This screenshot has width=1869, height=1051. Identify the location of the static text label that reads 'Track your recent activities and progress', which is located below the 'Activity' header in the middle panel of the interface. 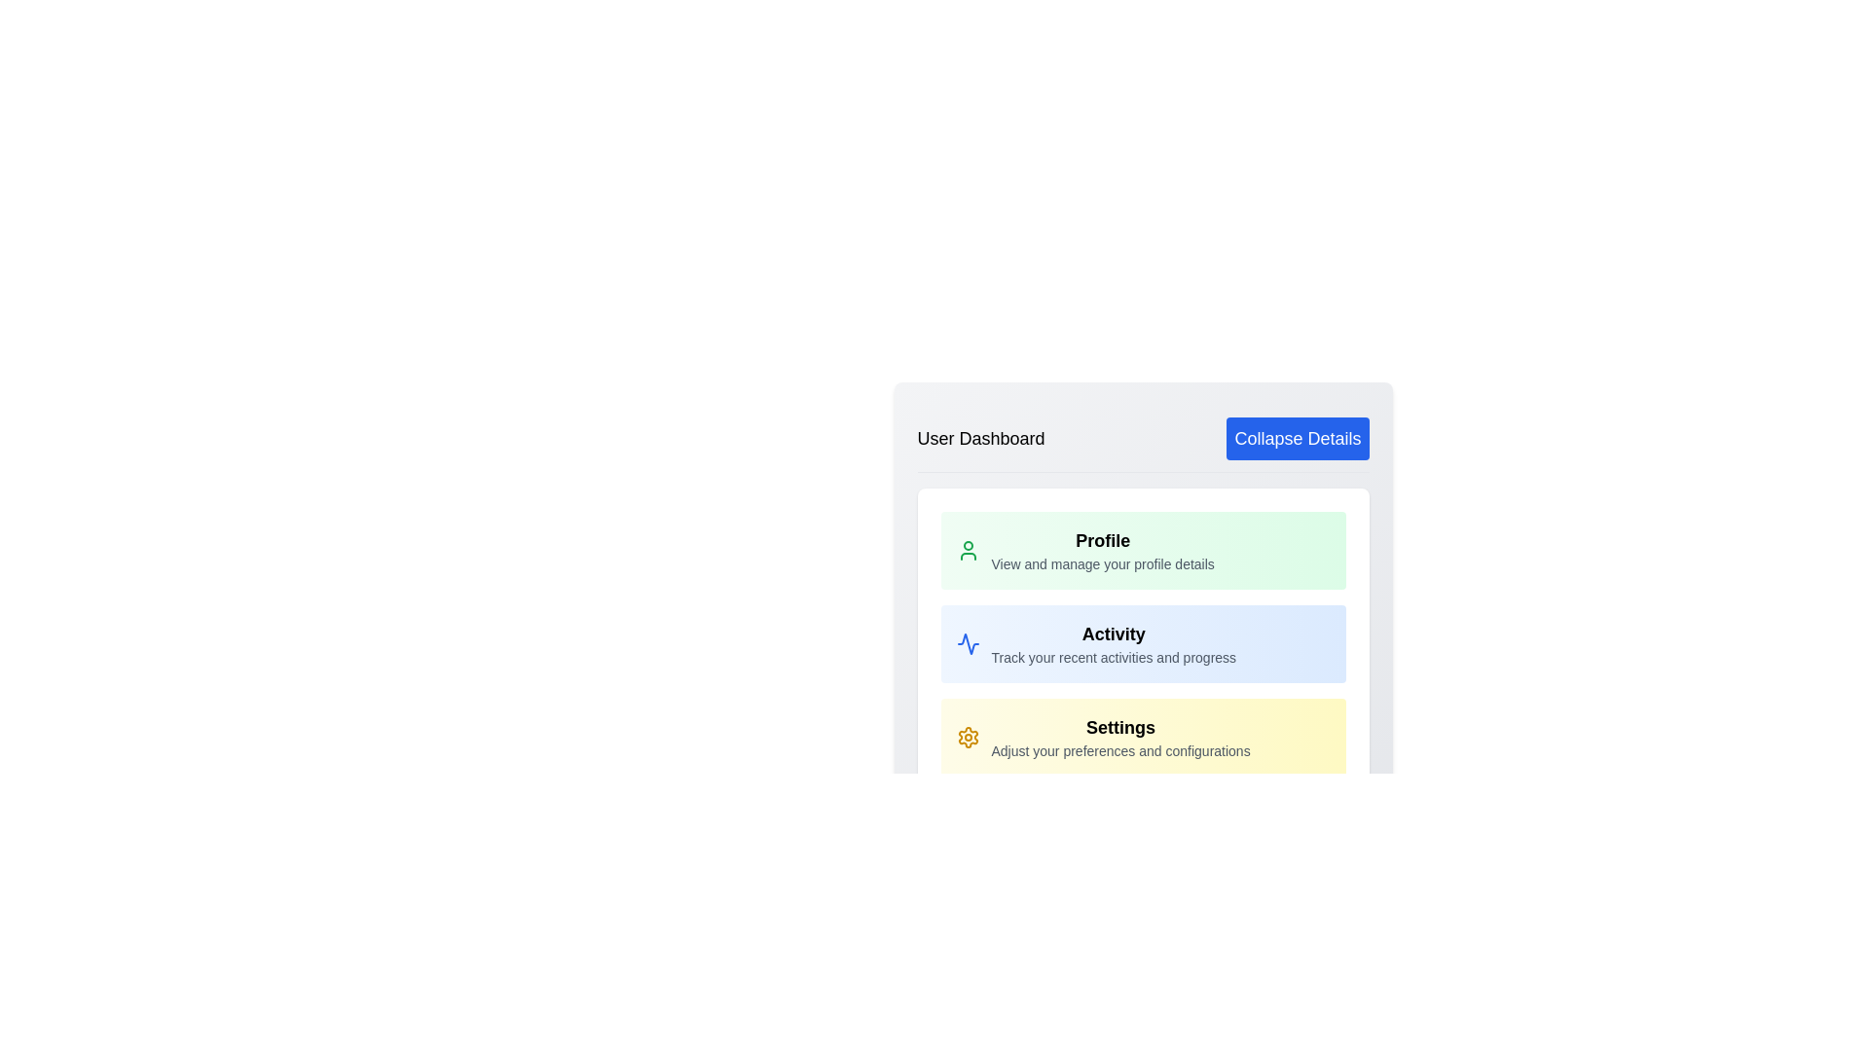
(1114, 657).